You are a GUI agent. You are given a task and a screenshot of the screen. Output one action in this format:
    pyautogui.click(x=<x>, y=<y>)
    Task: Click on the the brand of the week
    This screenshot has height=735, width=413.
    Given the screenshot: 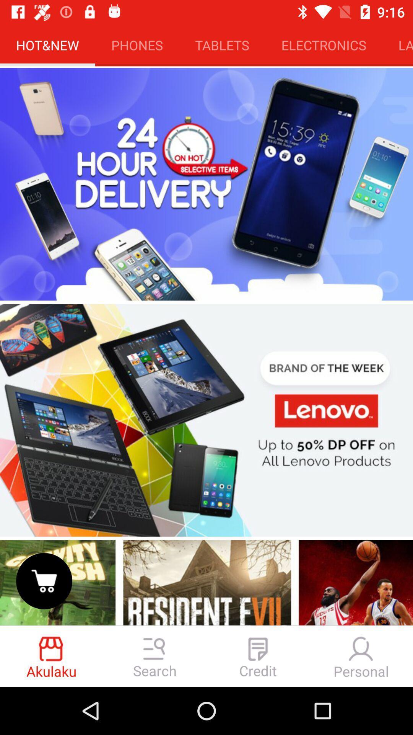 What is the action you would take?
    pyautogui.click(x=206, y=420)
    